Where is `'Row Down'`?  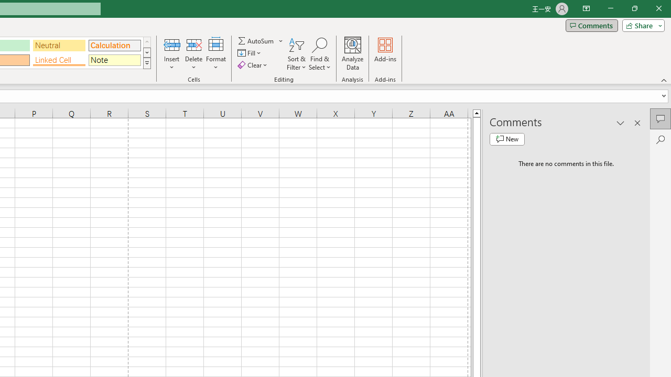
'Row Down' is located at coordinates (146, 52).